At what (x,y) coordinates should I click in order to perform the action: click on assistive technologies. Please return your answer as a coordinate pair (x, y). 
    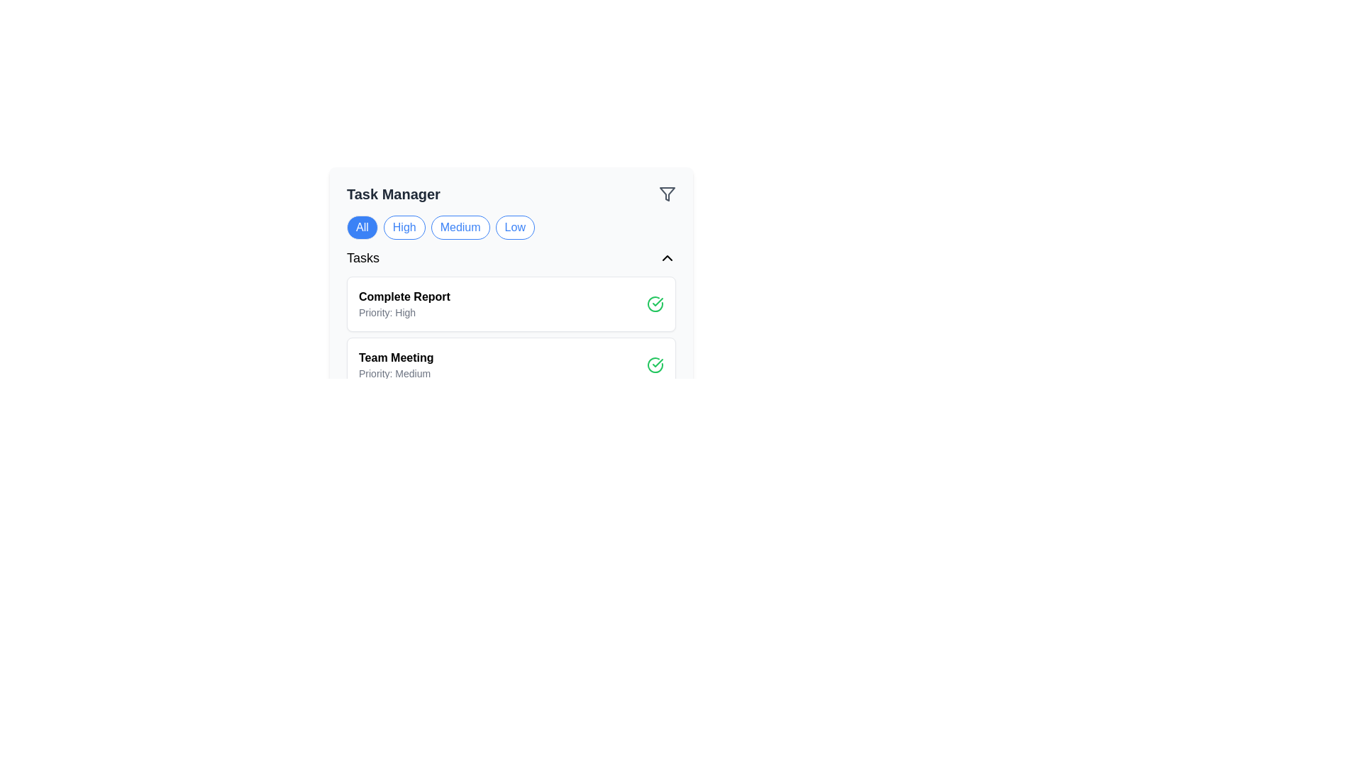
    Looking at the image, I should click on (396, 357).